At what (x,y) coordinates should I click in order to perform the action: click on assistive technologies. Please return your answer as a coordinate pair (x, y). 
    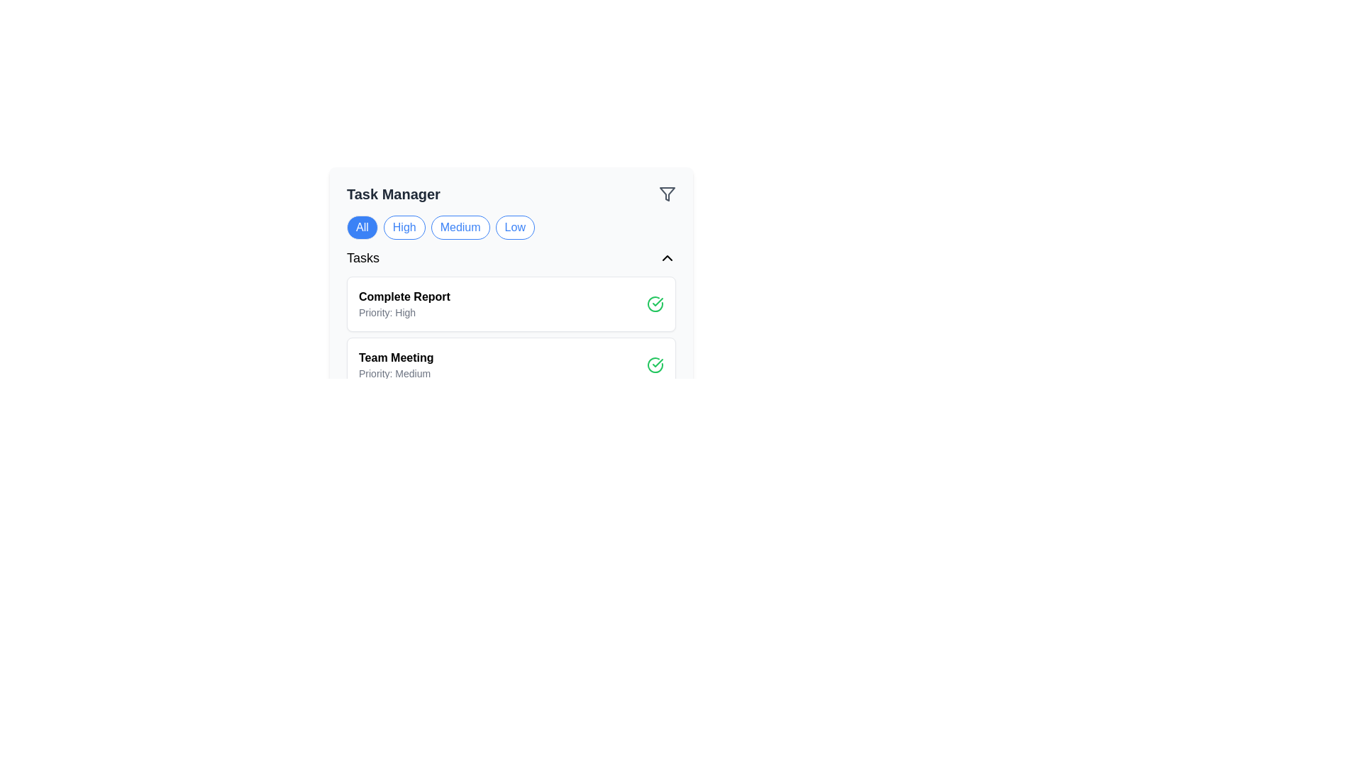
    Looking at the image, I should click on (396, 357).